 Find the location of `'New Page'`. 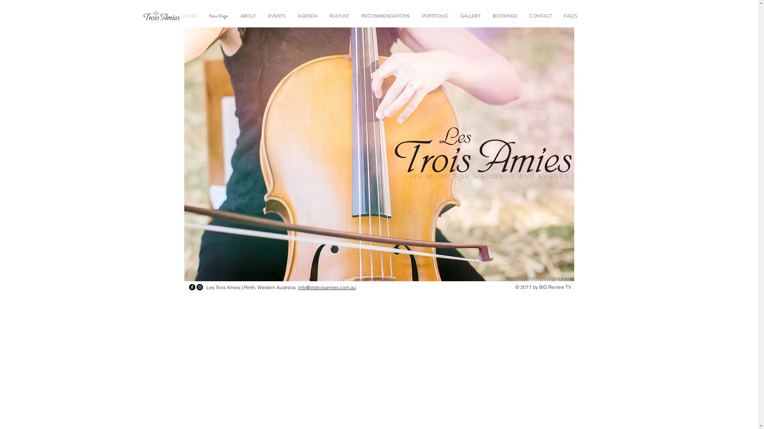

'New Page' is located at coordinates (218, 16).